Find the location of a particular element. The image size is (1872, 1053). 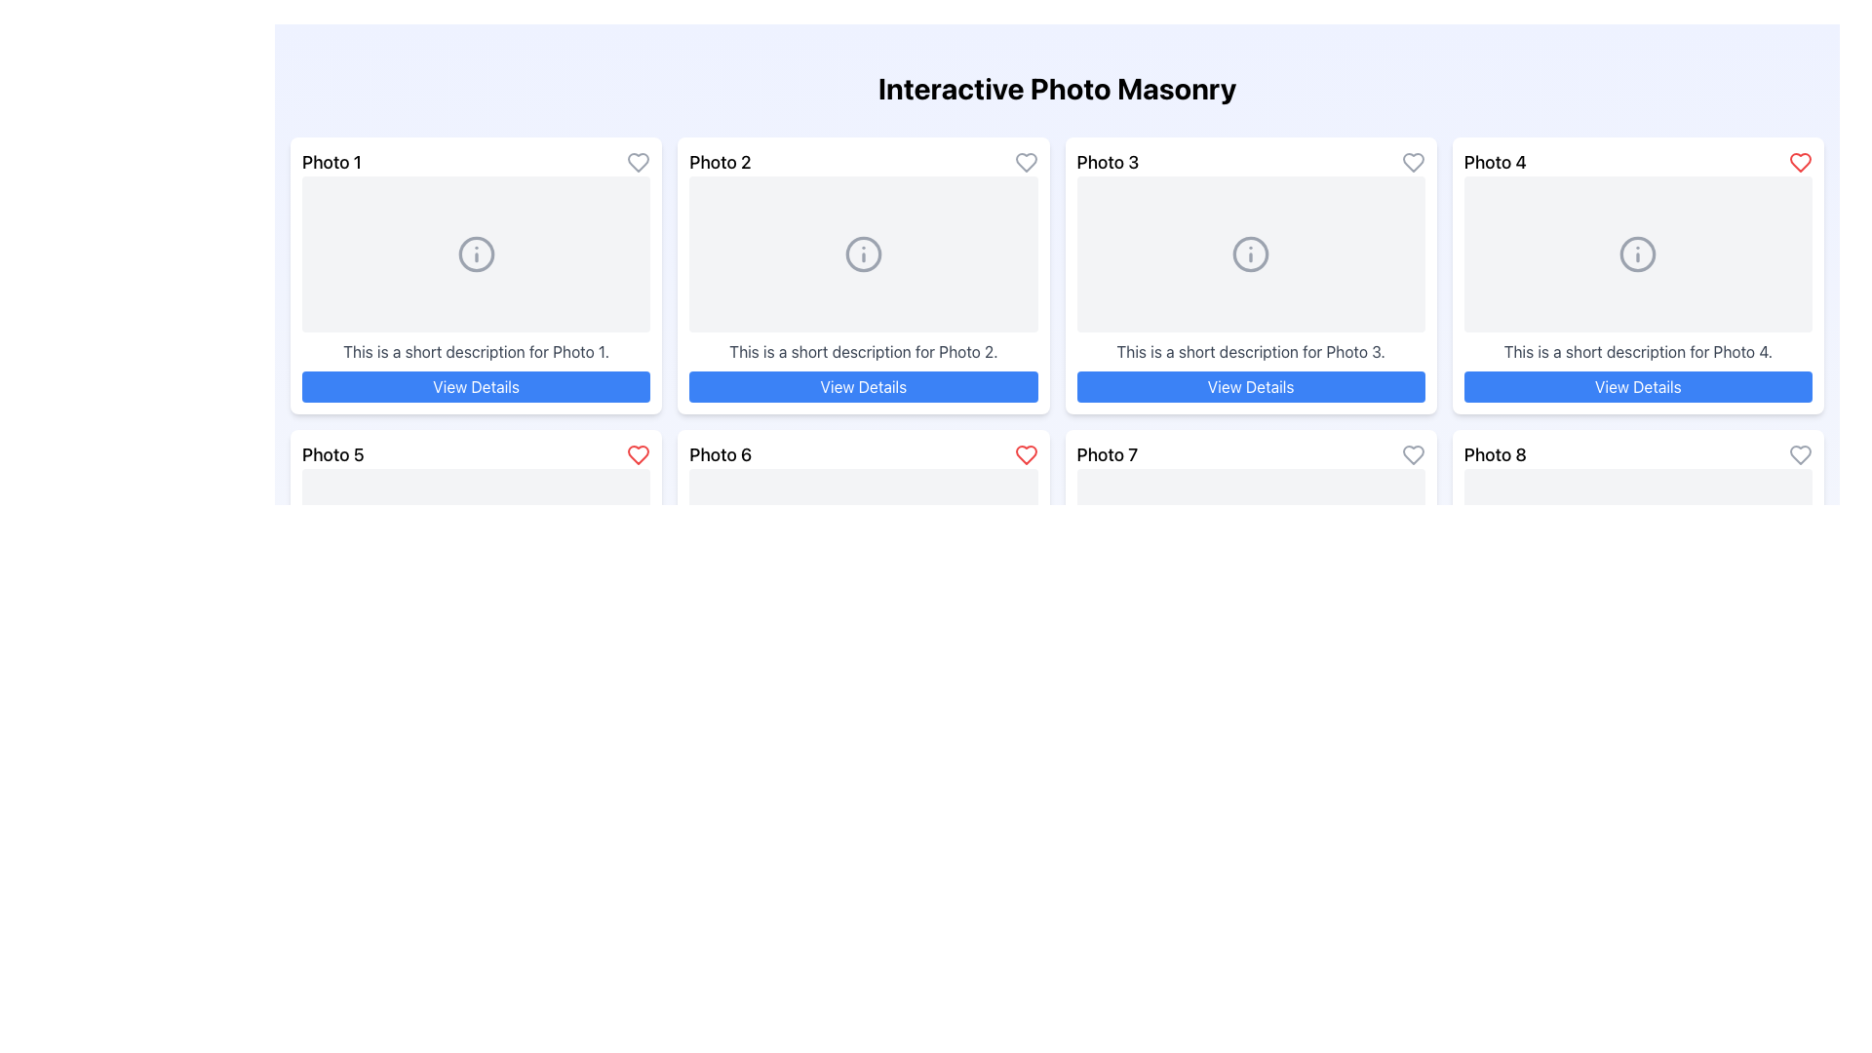

the circular gray information icon with an 'i' in the center, located in the second card from the left in the top row of the grid layout is located at coordinates (862, 253).